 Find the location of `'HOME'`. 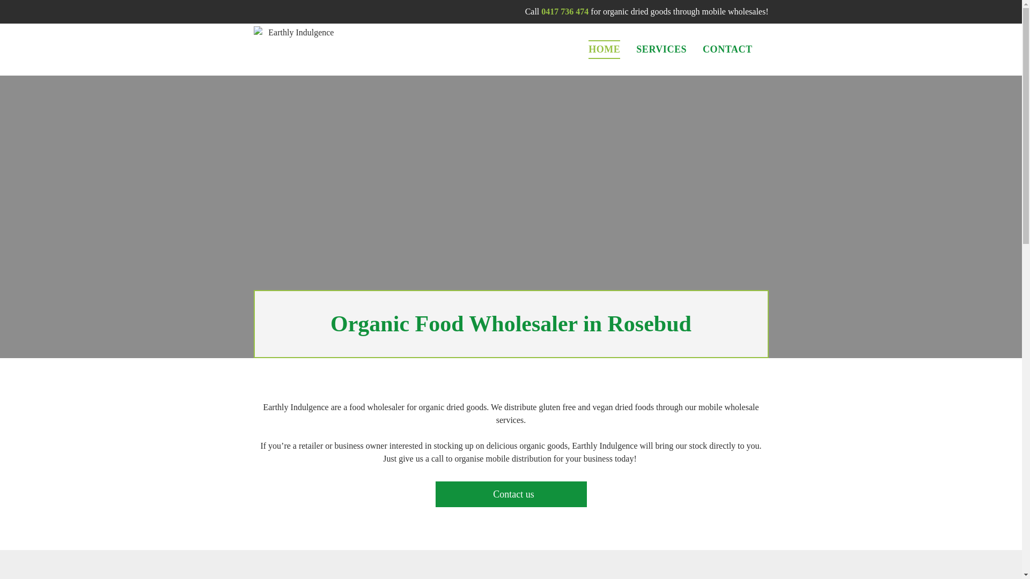

'HOME' is located at coordinates (579, 49).